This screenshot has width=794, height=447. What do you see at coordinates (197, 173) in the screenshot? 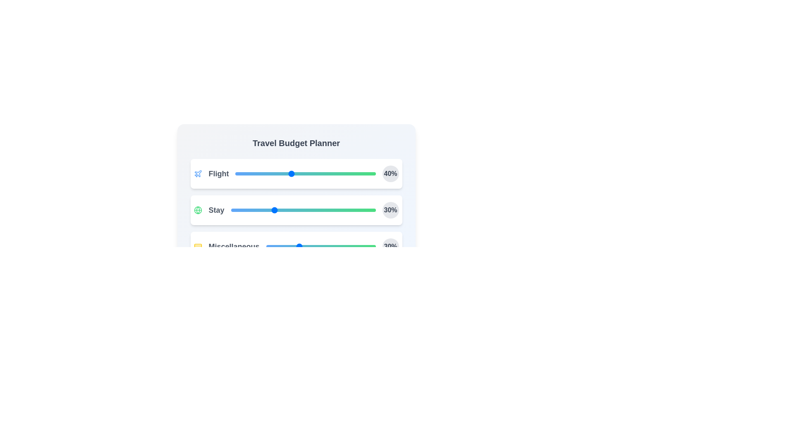
I see `the icon next to the category name Flight` at bounding box center [197, 173].